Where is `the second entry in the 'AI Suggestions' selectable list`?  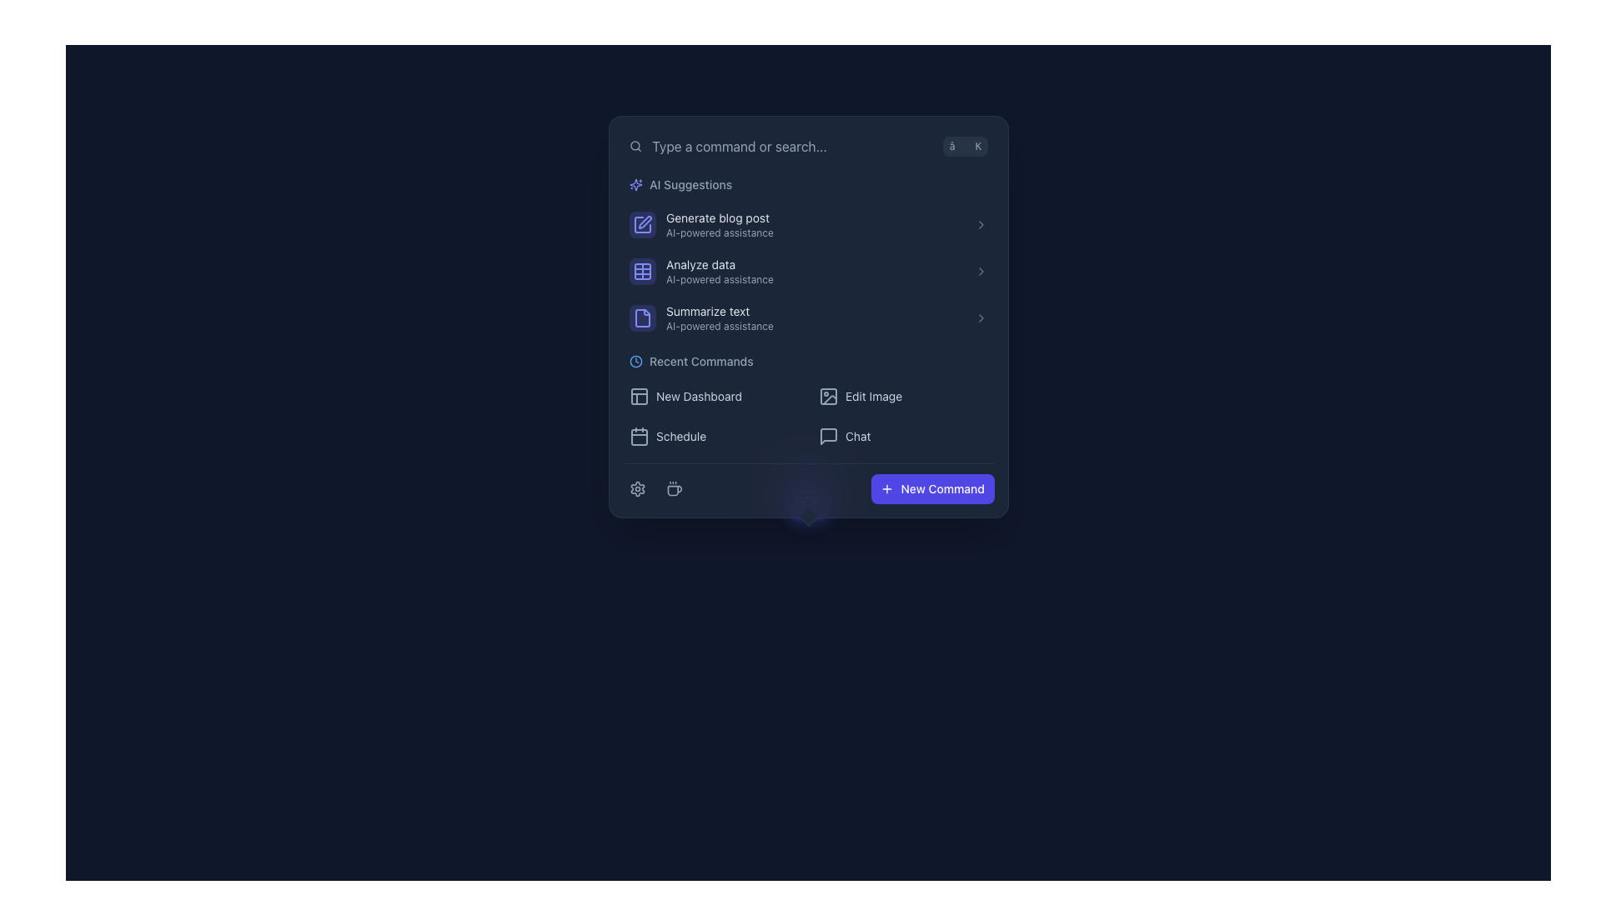
the second entry in the 'AI Suggestions' selectable list is located at coordinates (815, 271).